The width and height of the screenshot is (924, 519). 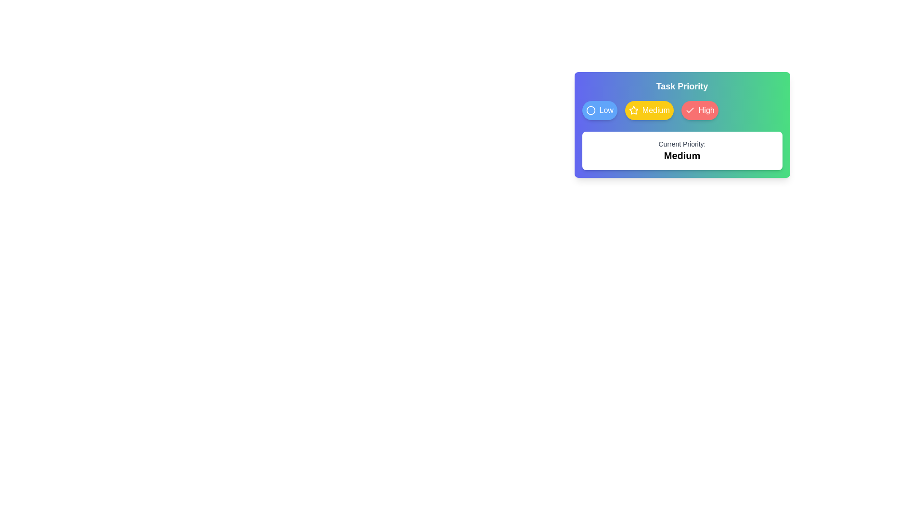 What do you see at coordinates (689, 110) in the screenshot?
I see `the SVG checkmark icon located within the red circular button labeled 'High' in the 'Task Priority' section` at bounding box center [689, 110].